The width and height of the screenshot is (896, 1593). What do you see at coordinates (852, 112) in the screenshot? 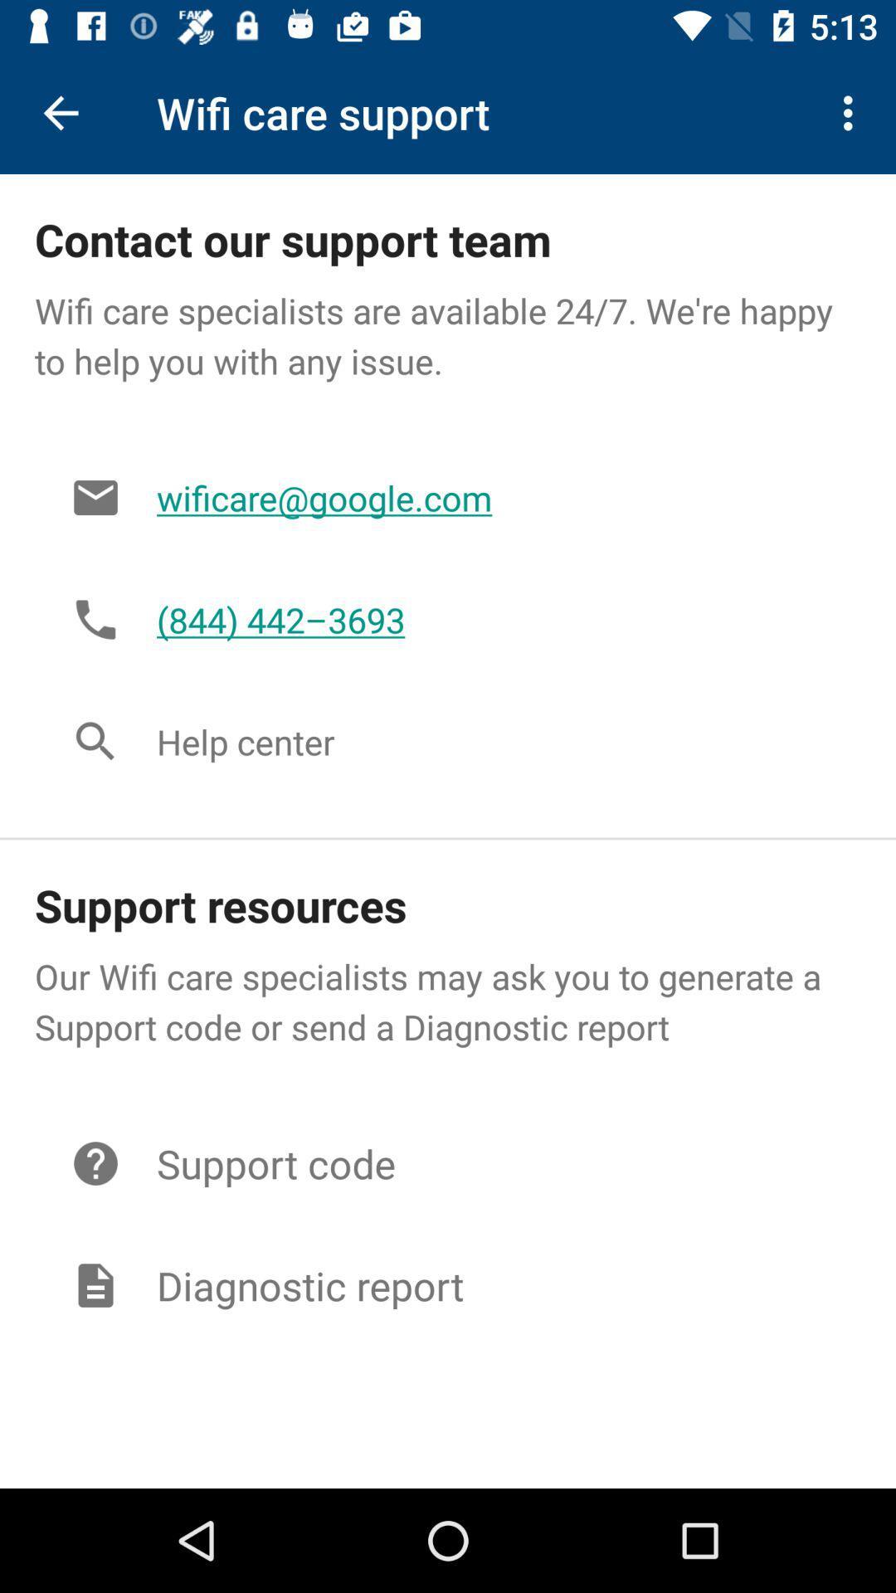
I see `item next to wifi care support item` at bounding box center [852, 112].